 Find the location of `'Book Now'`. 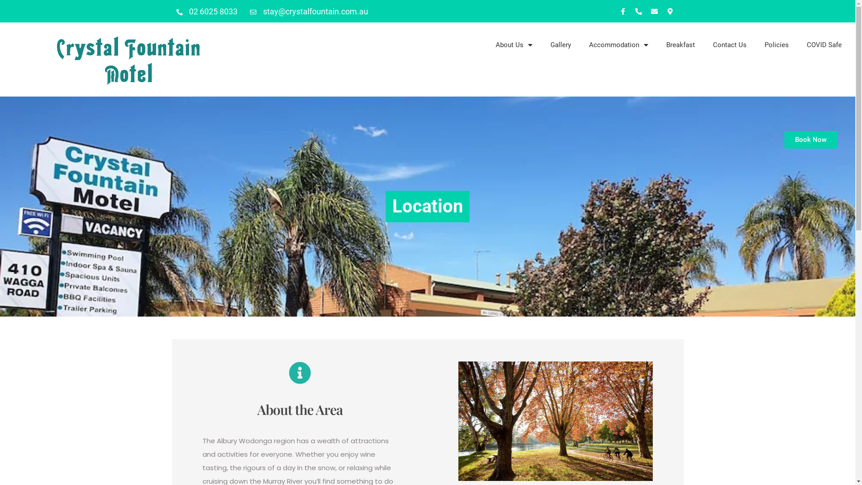

'Book Now' is located at coordinates (784, 140).